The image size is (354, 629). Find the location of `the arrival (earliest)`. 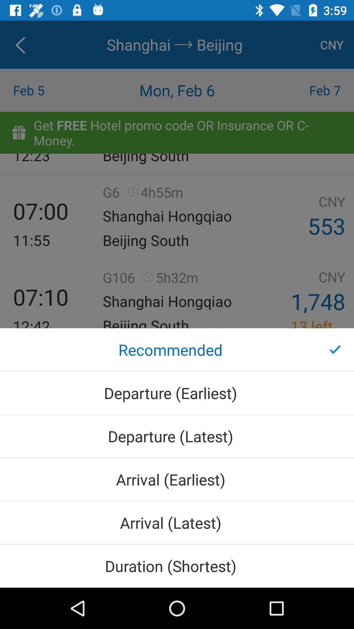

the arrival (earliest) is located at coordinates (177, 479).